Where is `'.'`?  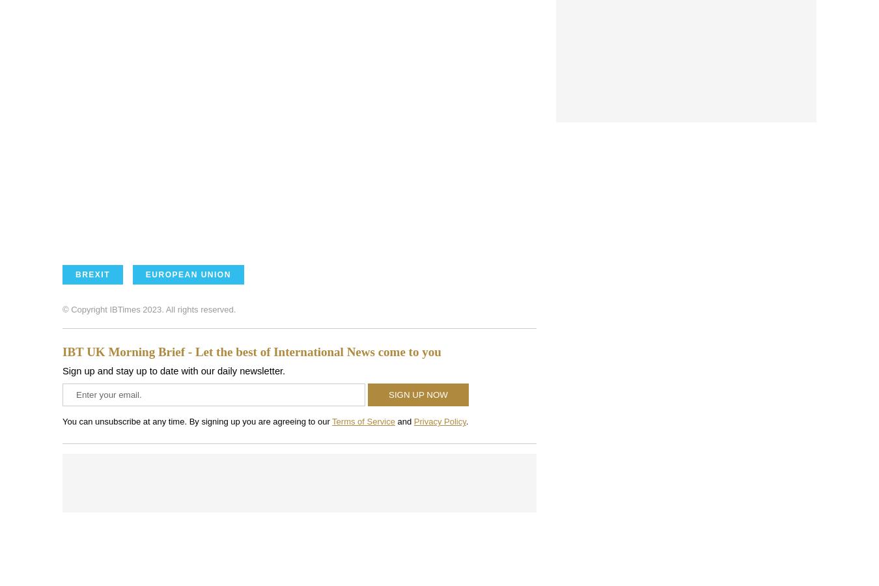
'.' is located at coordinates (464, 421).